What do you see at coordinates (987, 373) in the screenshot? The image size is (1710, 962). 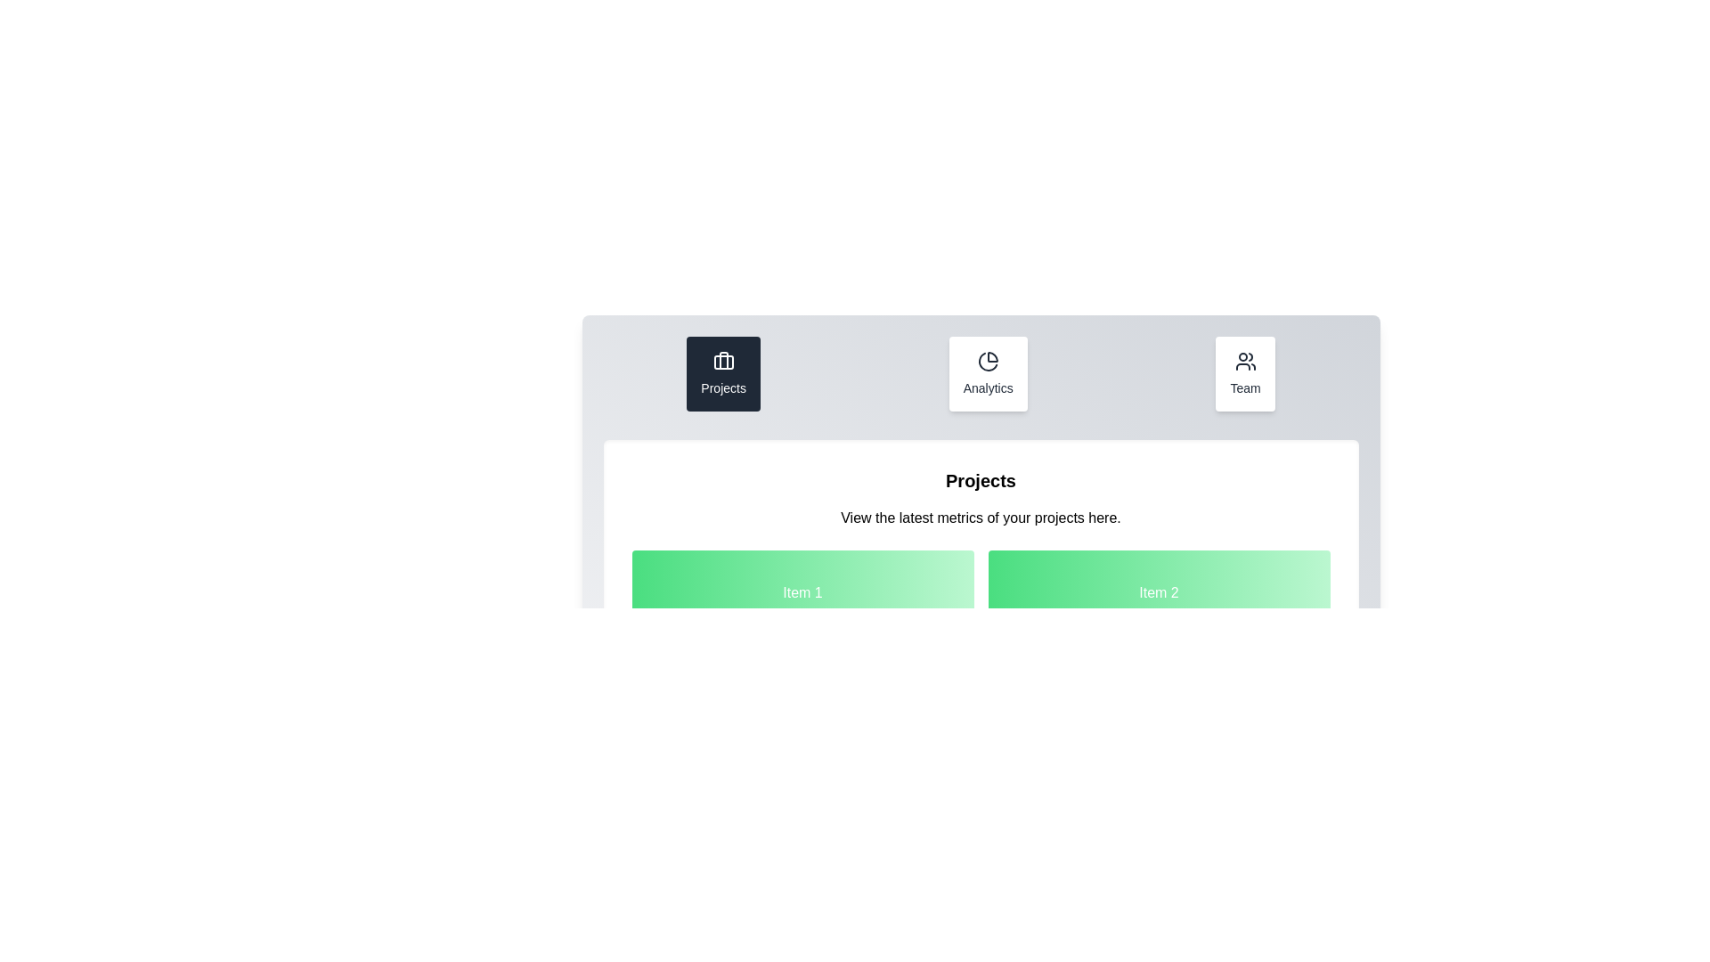 I see `the tab named Analytics` at bounding box center [987, 373].